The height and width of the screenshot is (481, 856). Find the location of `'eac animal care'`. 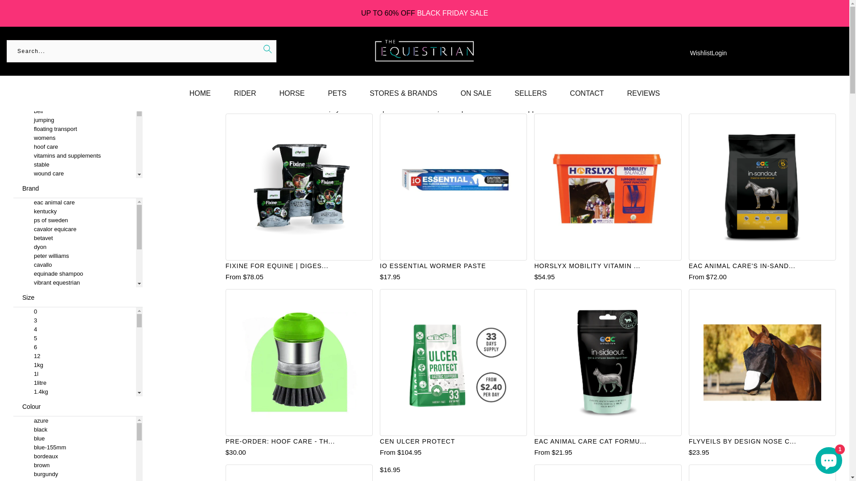

'eac animal care' is located at coordinates (74, 203).